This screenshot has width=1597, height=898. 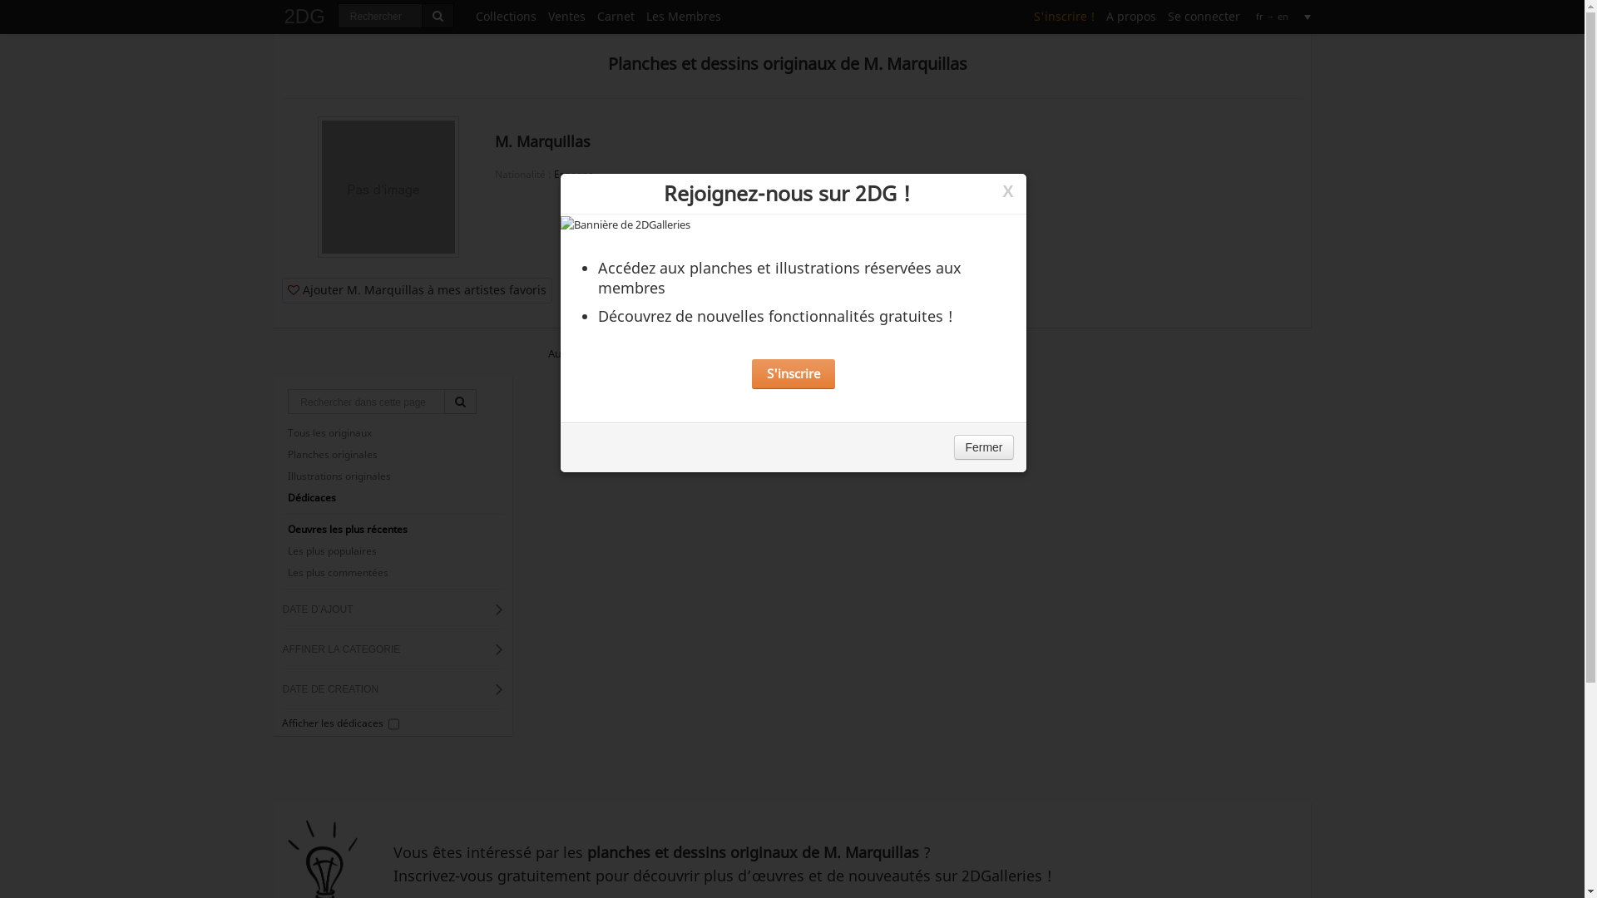 What do you see at coordinates (1063, 15) in the screenshot?
I see `'S'inscrire !'` at bounding box center [1063, 15].